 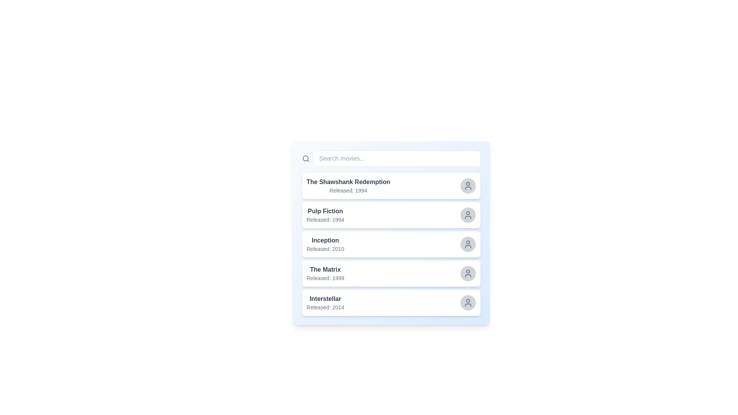 I want to click on the text label highlighting the movie name 'Inception', located in the top portion of the third card down in a vertically stacked list, directly above the text 'Released: 2010', so click(x=325, y=240).